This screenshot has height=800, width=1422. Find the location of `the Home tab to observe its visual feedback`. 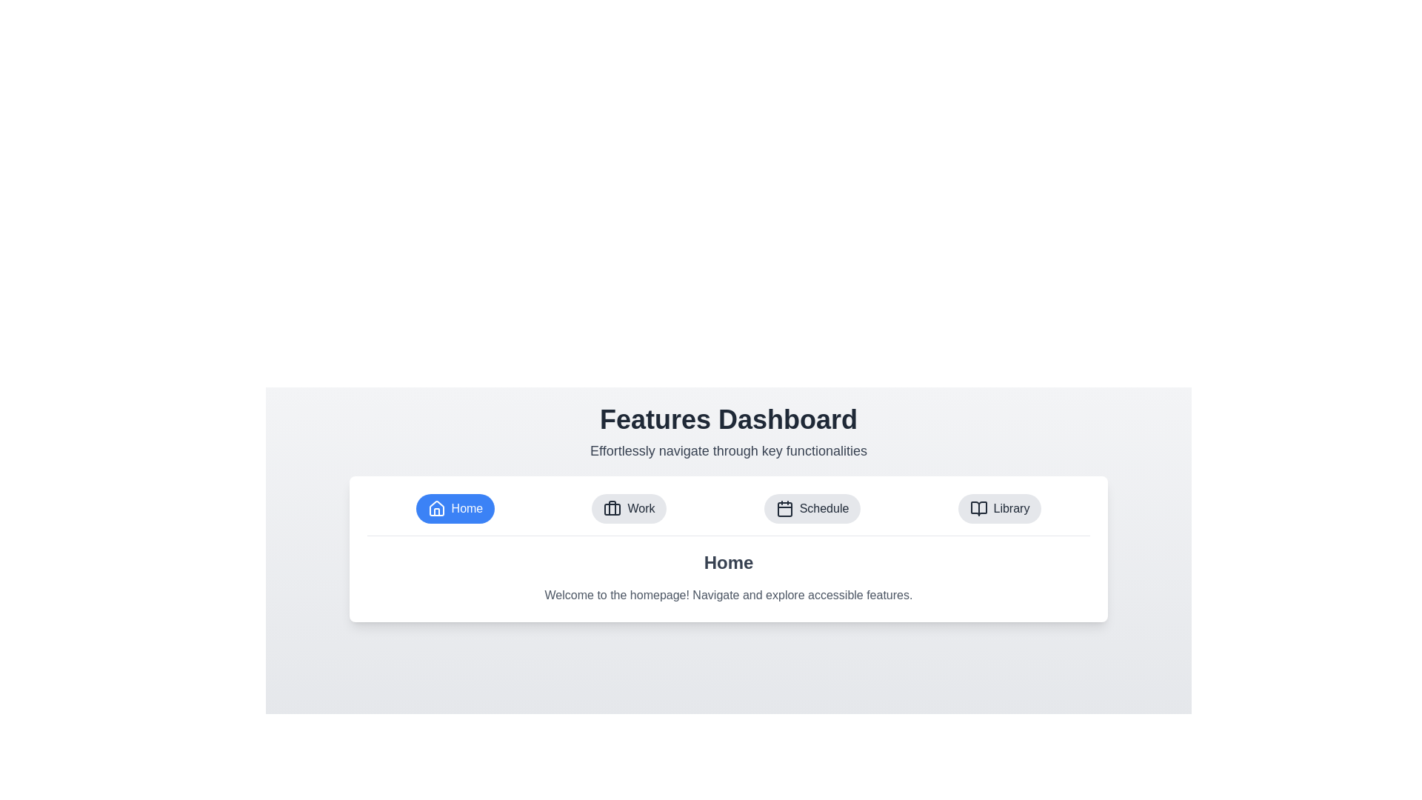

the Home tab to observe its visual feedback is located at coordinates (454, 507).